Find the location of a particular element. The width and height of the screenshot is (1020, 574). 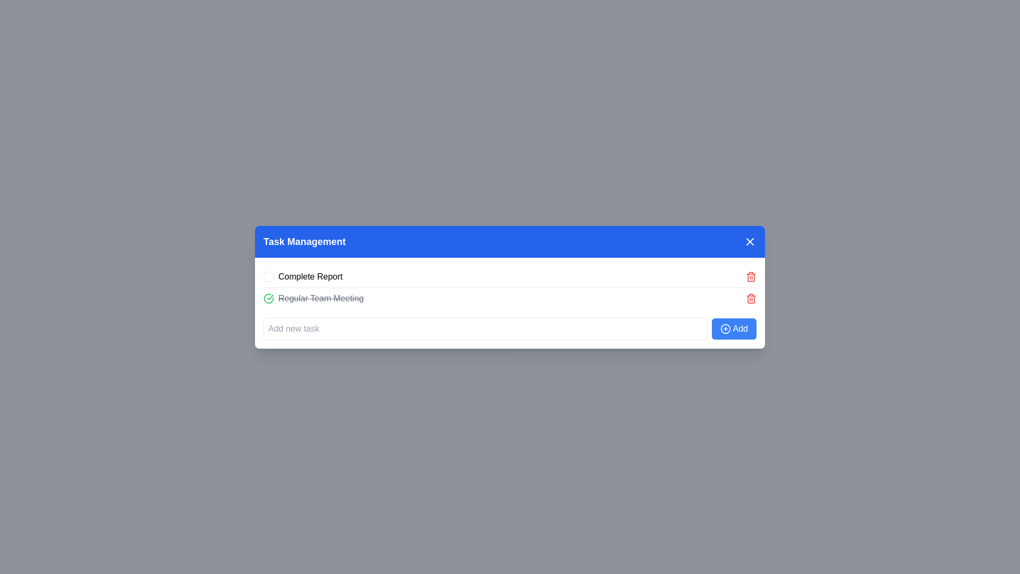

the small rounded circle indicator located at the leftmost side of the 'Complete Report' task entry is located at coordinates (268, 276).